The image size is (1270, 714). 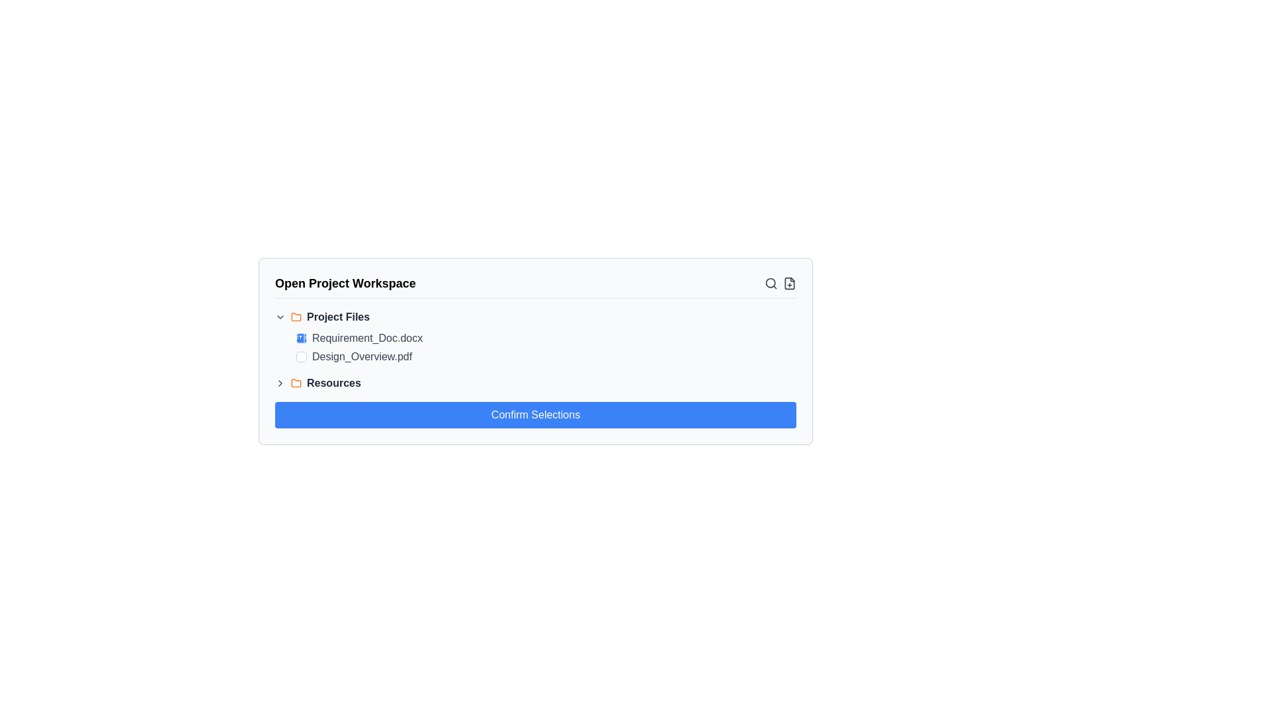 I want to click on the confirm button located at the bottom of the 'Open Project Workspace' section for keyboard interaction, so click(x=536, y=415).